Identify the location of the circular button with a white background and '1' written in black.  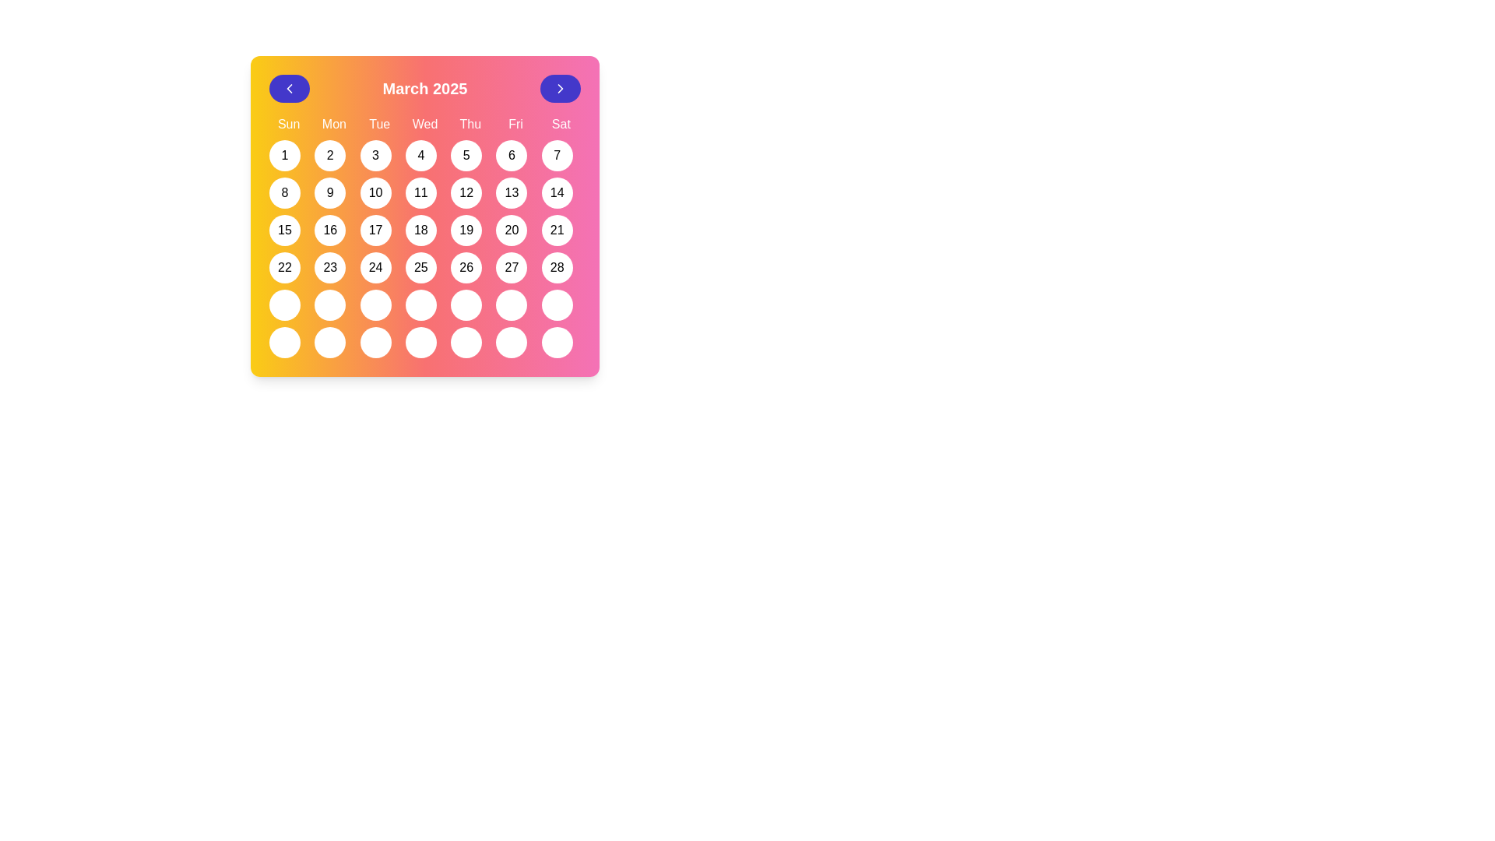
(284, 156).